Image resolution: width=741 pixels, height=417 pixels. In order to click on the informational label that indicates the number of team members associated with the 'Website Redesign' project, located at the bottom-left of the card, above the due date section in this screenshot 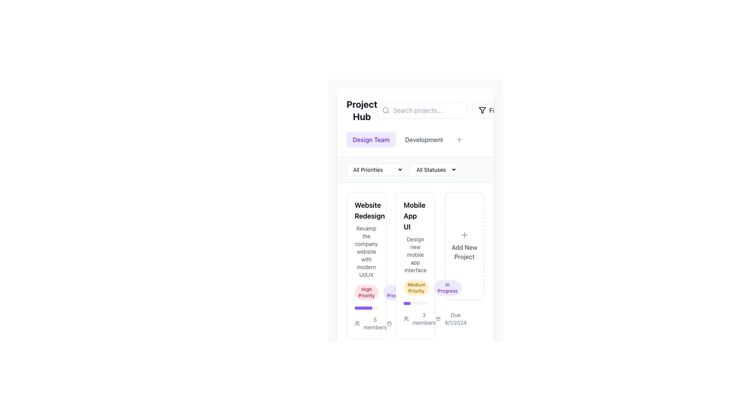, I will do `click(366, 323)`.